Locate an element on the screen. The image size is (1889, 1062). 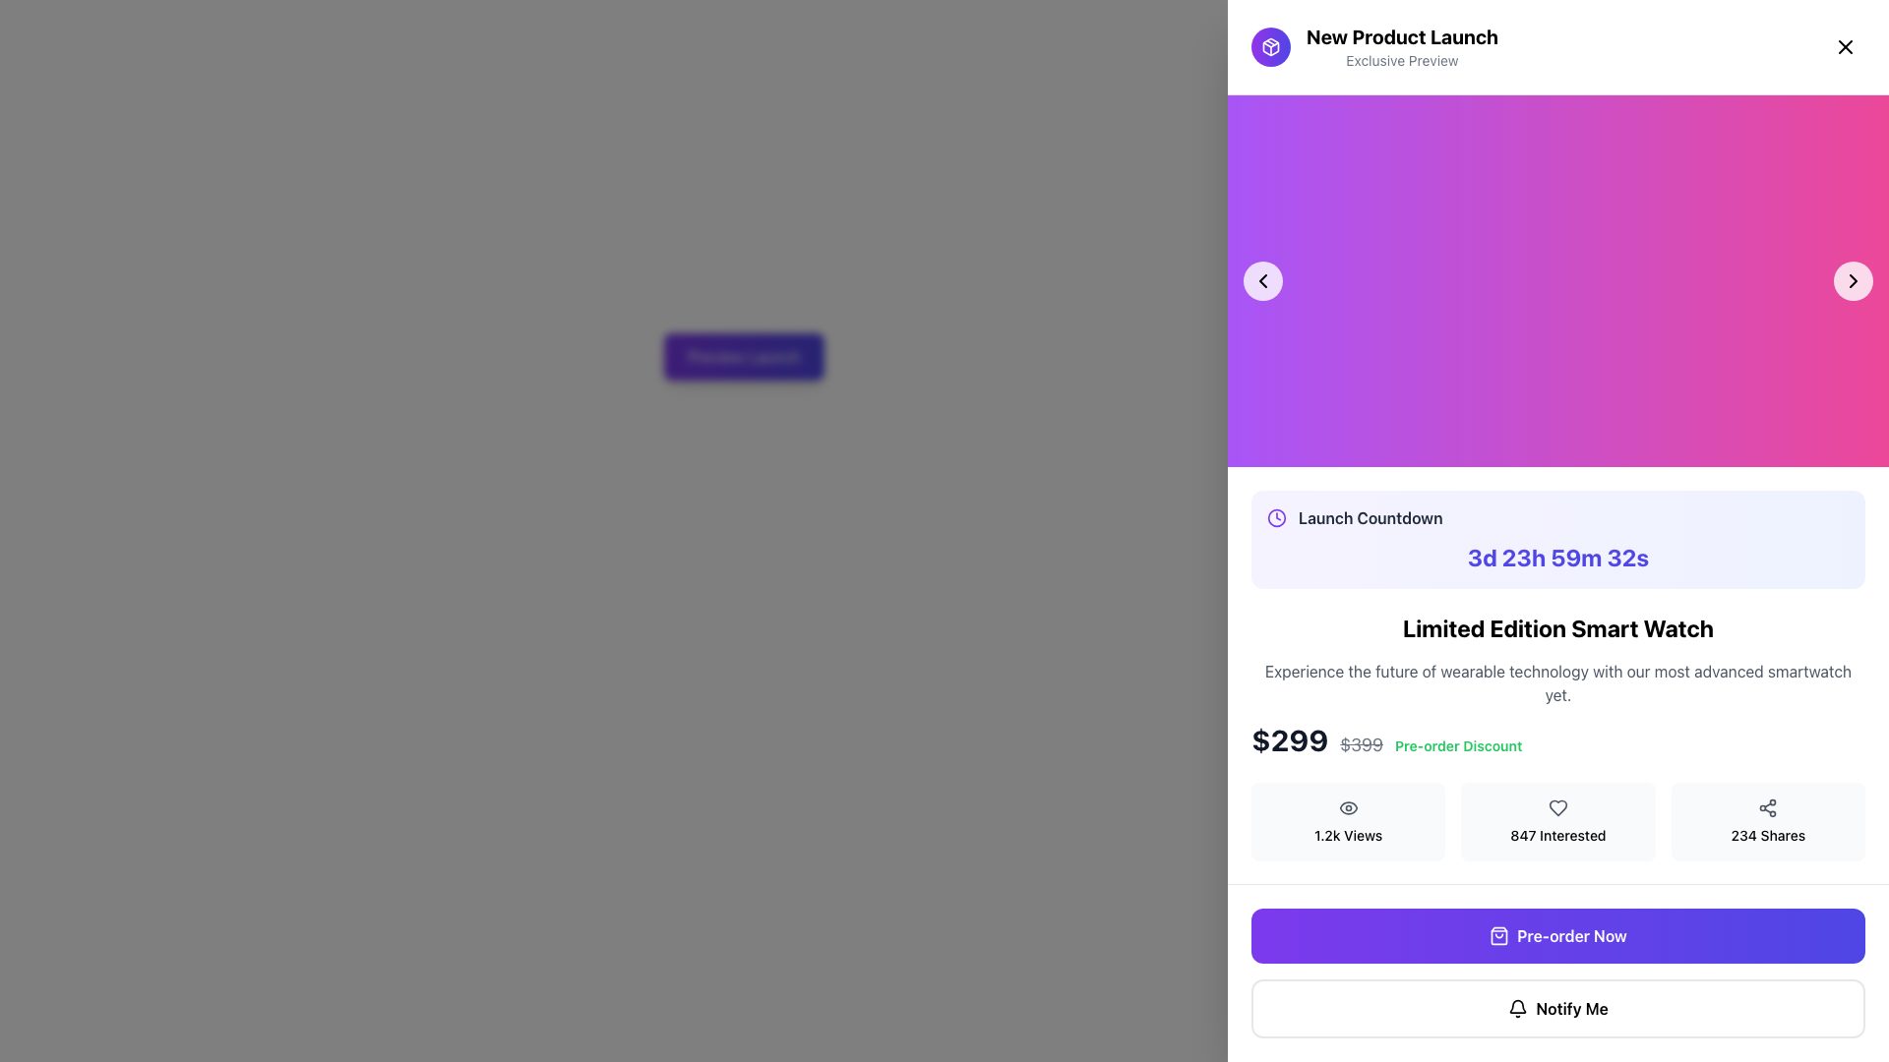
the Informational widget that displays the number of people who have interacted positively or shown interest in the associated content, located between '1.2k Views' and '234 Shares' is located at coordinates (1557, 822).